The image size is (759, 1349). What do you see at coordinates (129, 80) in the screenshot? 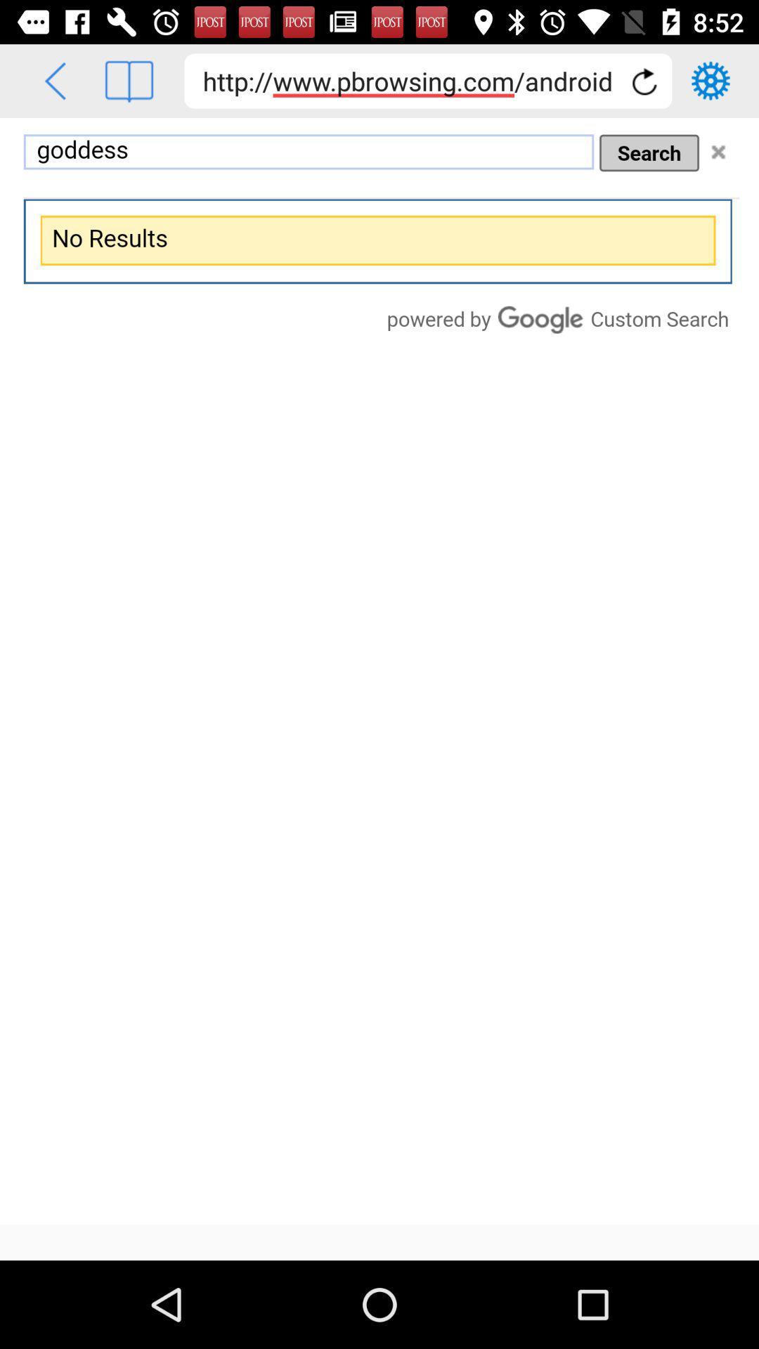
I see `the book icon` at bounding box center [129, 80].